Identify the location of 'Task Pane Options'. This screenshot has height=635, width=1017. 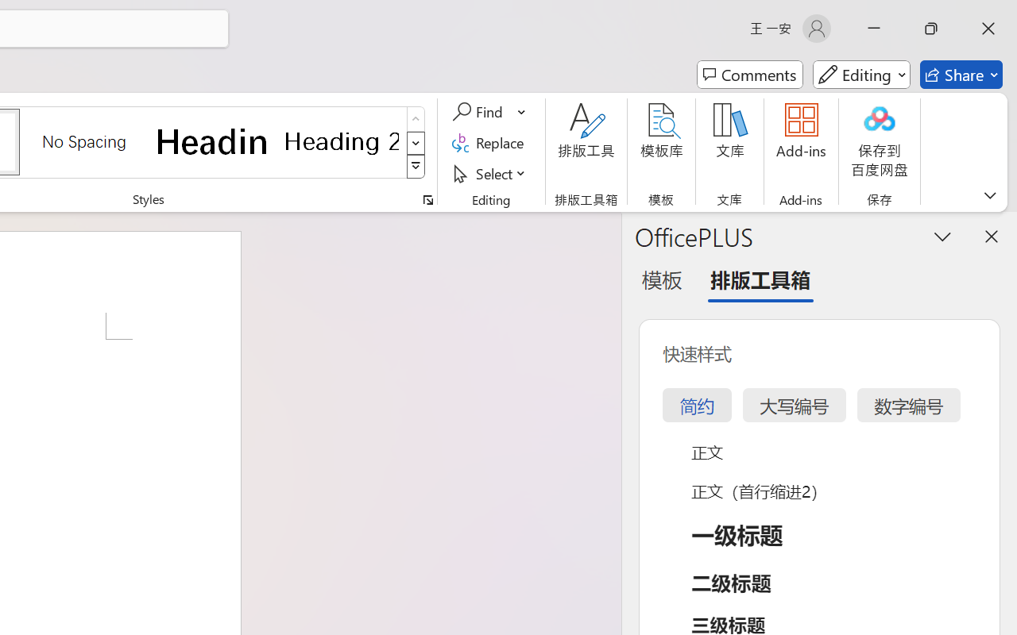
(943, 236).